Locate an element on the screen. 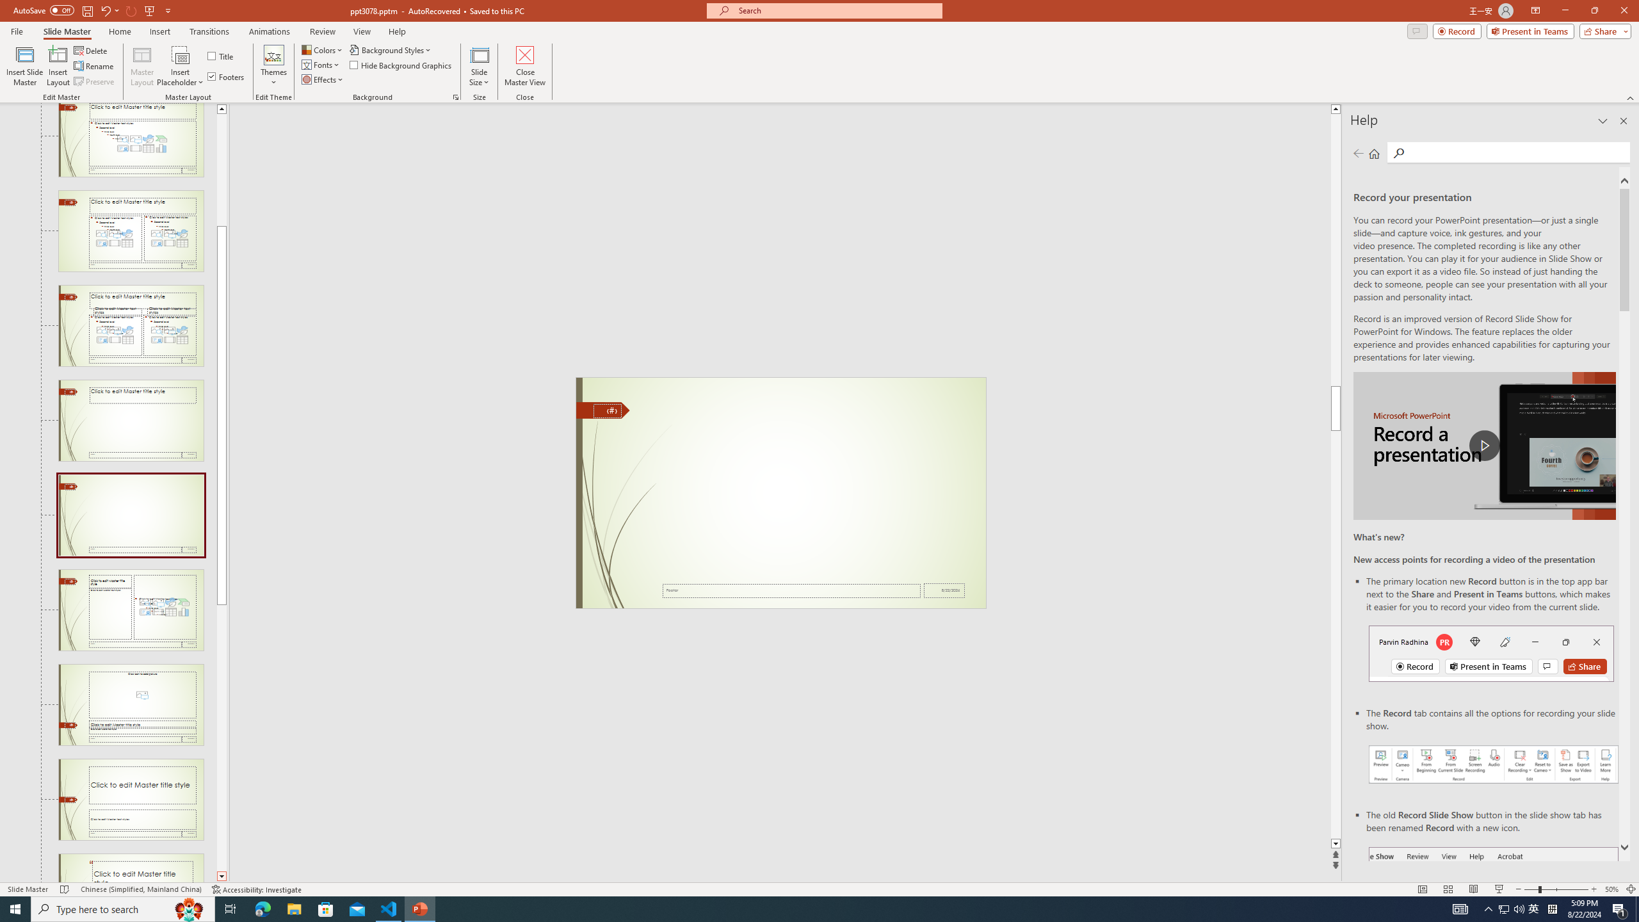 This screenshot has height=922, width=1639. 'Slide Content with Caption Layout: used by no slides' is located at coordinates (130, 610).